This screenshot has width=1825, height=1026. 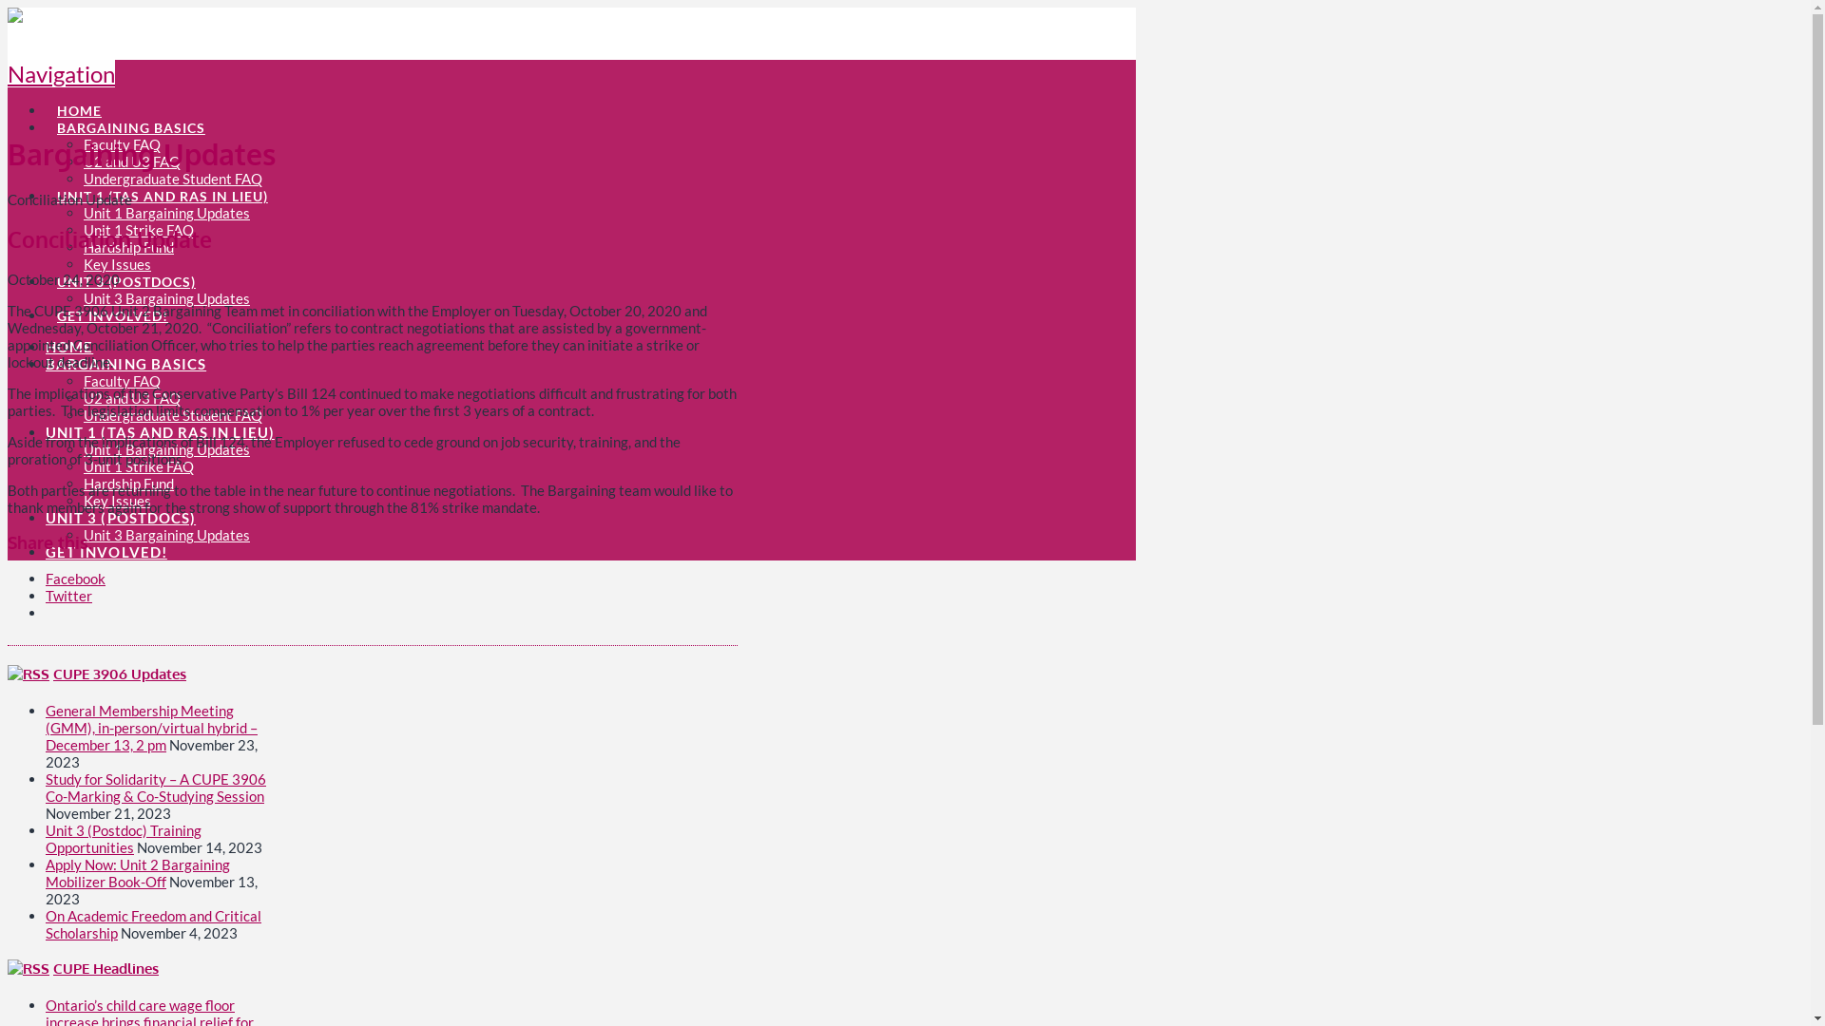 What do you see at coordinates (131, 160) in the screenshot?
I see `'U2 and U3 FAQ'` at bounding box center [131, 160].